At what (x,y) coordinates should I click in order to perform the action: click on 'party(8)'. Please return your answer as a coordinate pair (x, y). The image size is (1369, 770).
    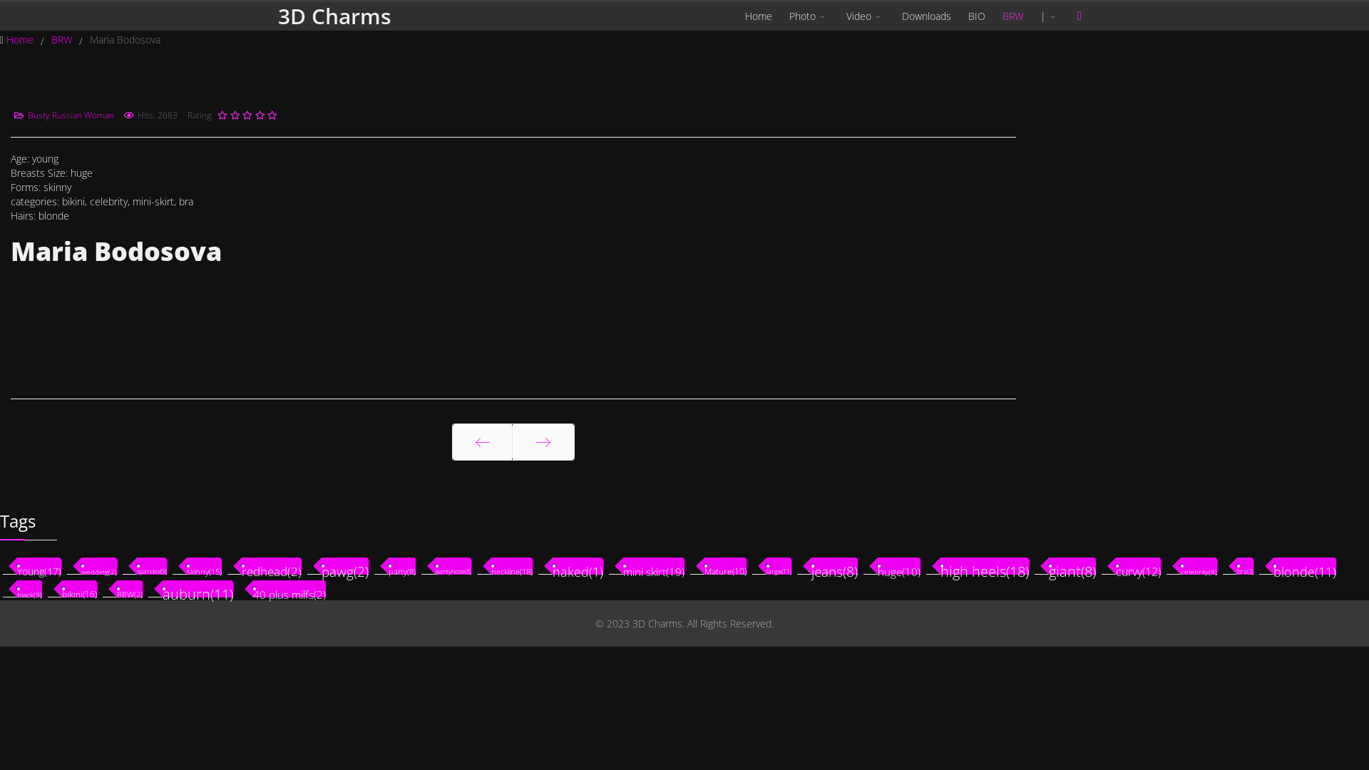
    Looking at the image, I should click on (401, 565).